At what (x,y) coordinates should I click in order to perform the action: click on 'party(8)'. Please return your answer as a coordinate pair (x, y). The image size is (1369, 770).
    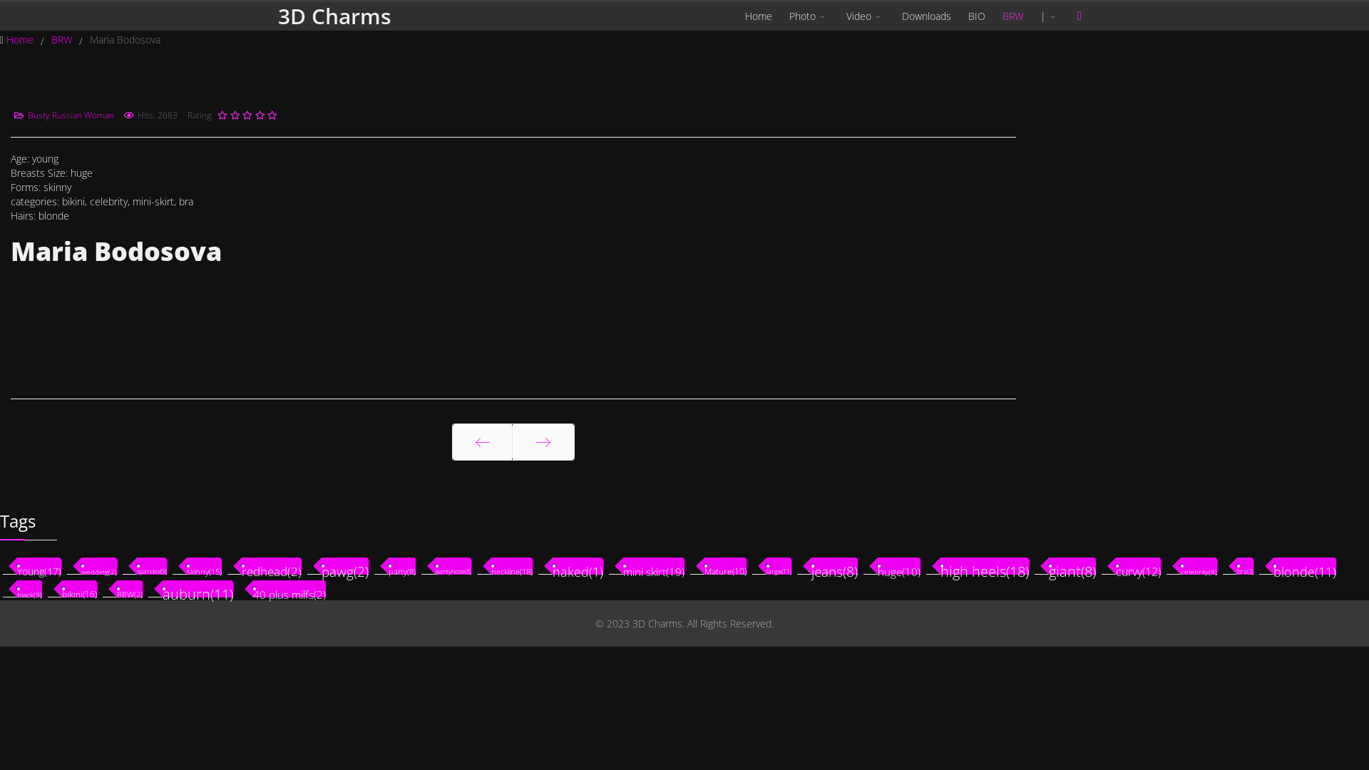
    Looking at the image, I should click on (401, 565).